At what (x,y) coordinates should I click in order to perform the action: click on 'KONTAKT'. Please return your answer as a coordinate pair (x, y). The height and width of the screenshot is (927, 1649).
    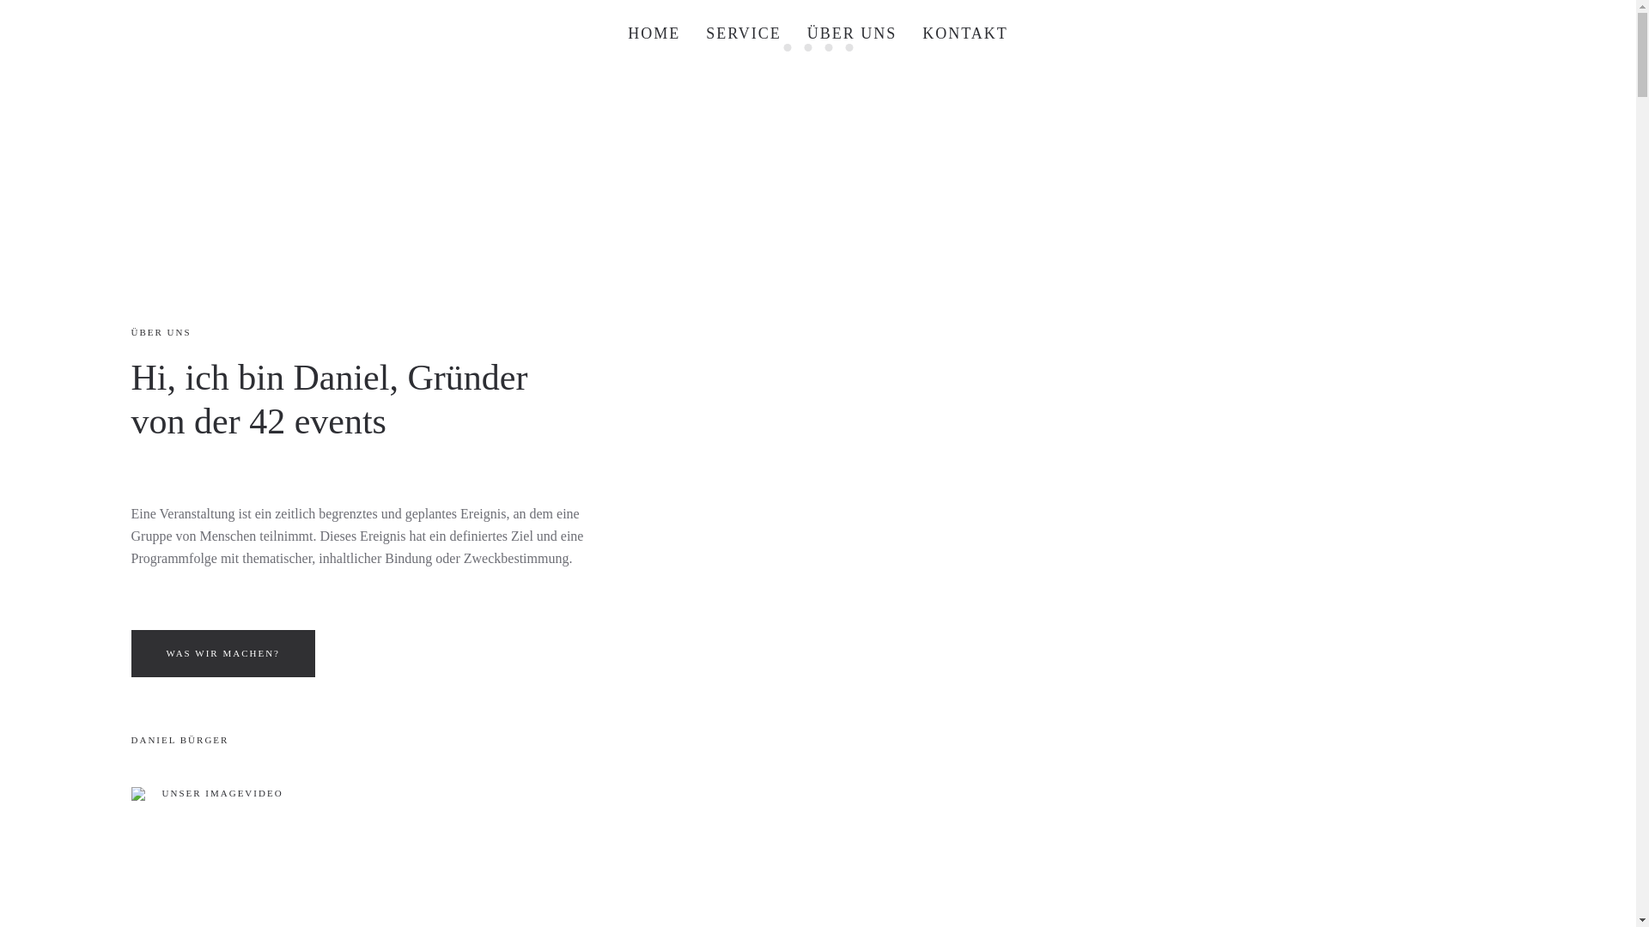
    Looking at the image, I should click on (964, 33).